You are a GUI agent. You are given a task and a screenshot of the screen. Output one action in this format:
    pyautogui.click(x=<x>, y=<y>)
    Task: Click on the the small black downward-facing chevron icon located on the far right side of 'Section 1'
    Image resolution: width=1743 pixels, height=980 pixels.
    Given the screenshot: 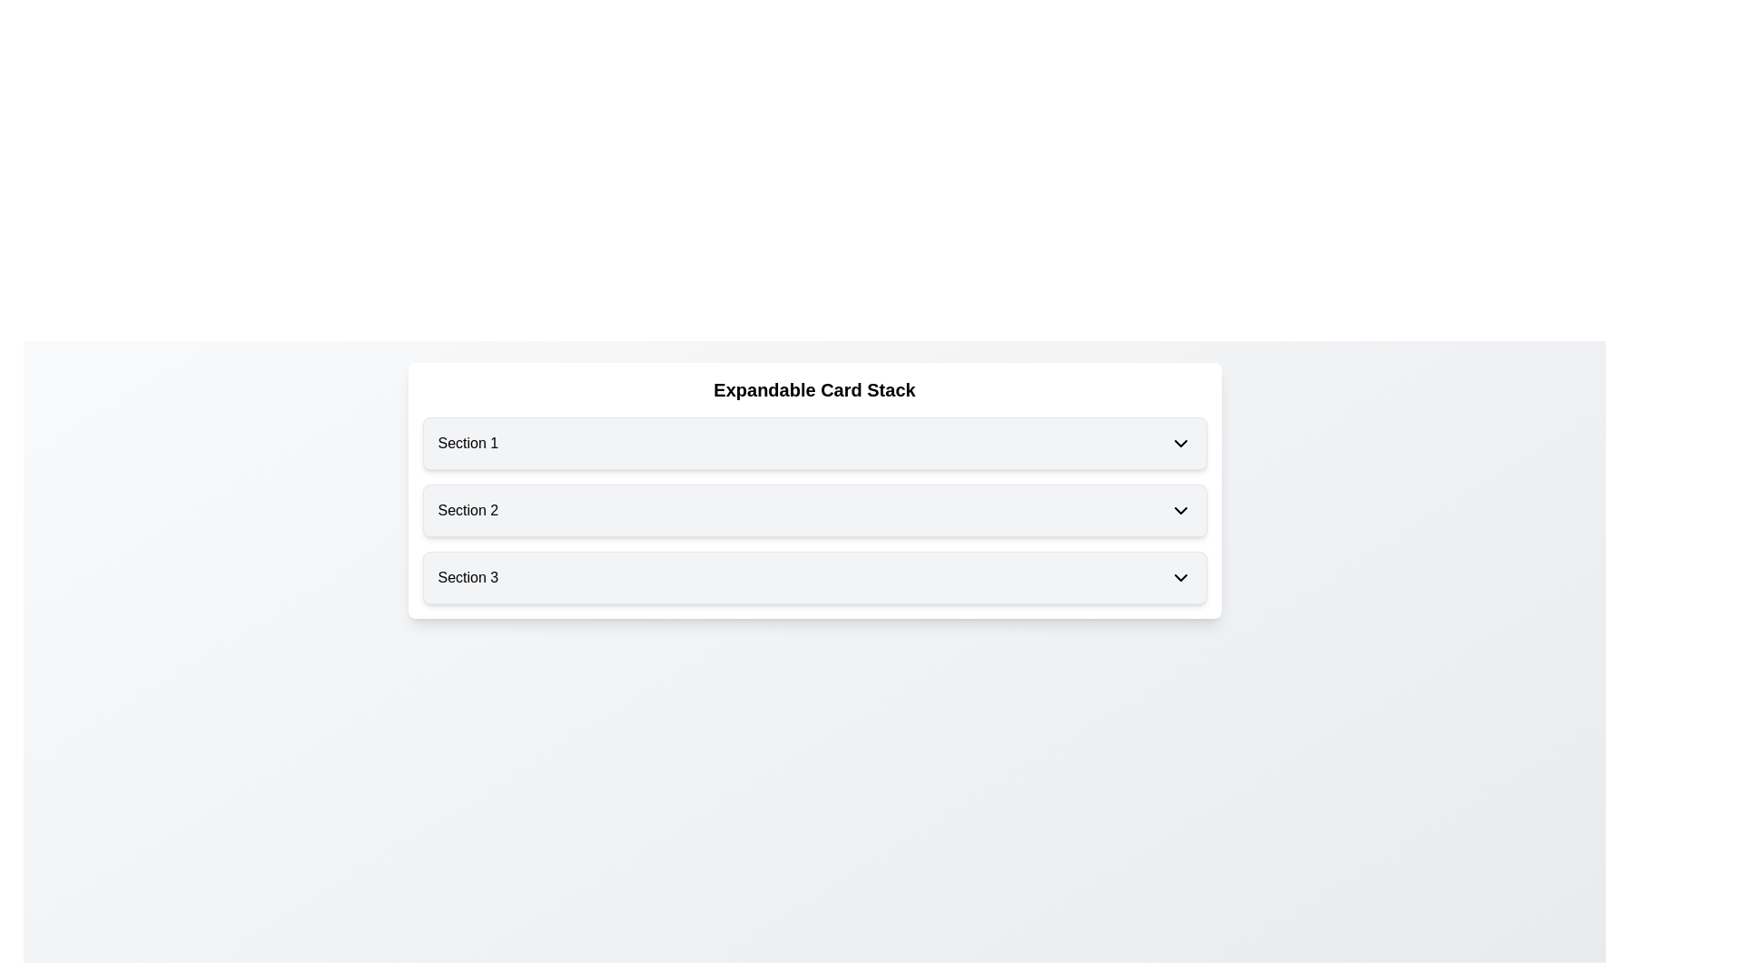 What is the action you would take?
    pyautogui.click(x=1180, y=444)
    